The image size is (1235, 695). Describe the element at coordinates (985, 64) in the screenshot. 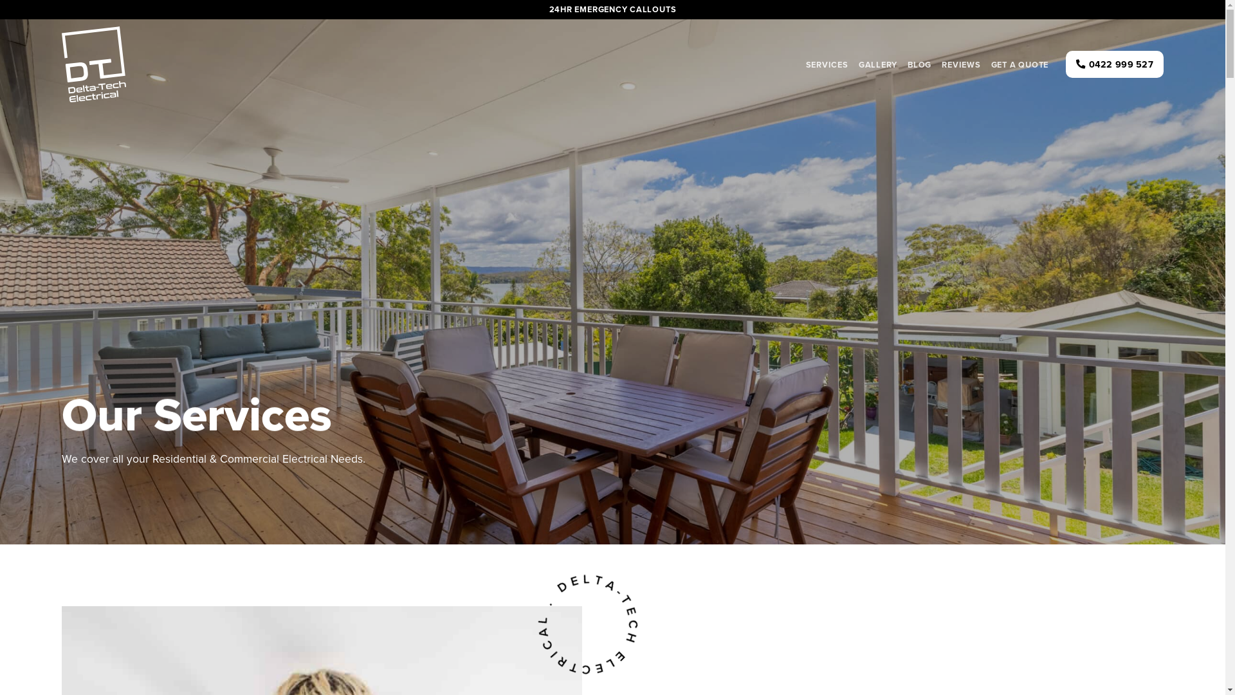

I see `'GET A QUOTE'` at that location.